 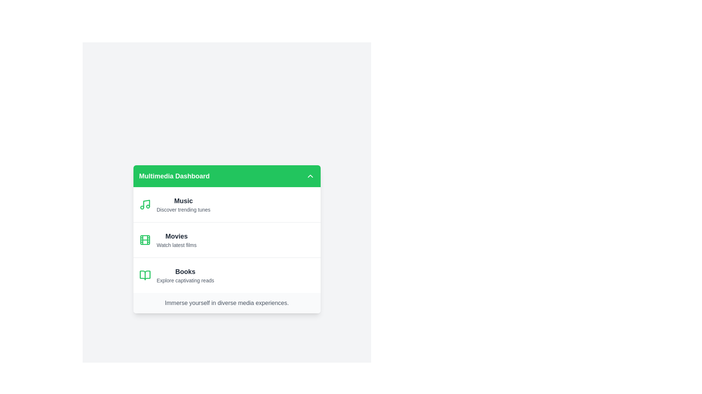 I want to click on the category Movies to explore its content, so click(x=226, y=240).